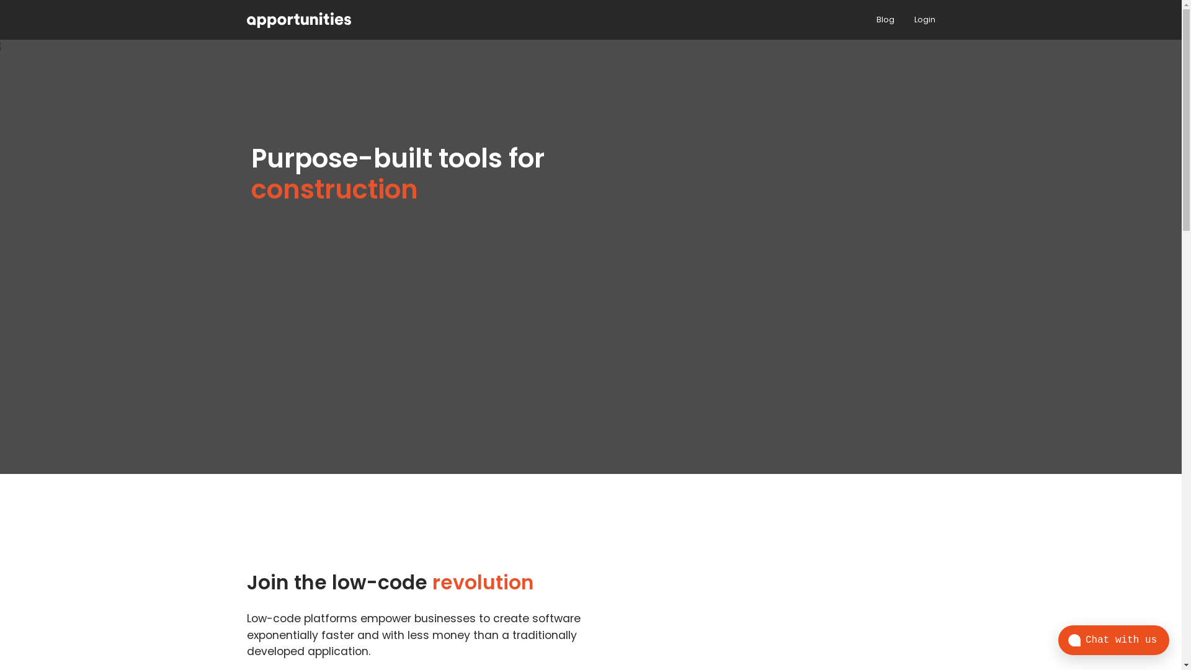 Image resolution: width=1191 pixels, height=670 pixels. What do you see at coordinates (1113, 640) in the screenshot?
I see `'Chat with us'` at bounding box center [1113, 640].